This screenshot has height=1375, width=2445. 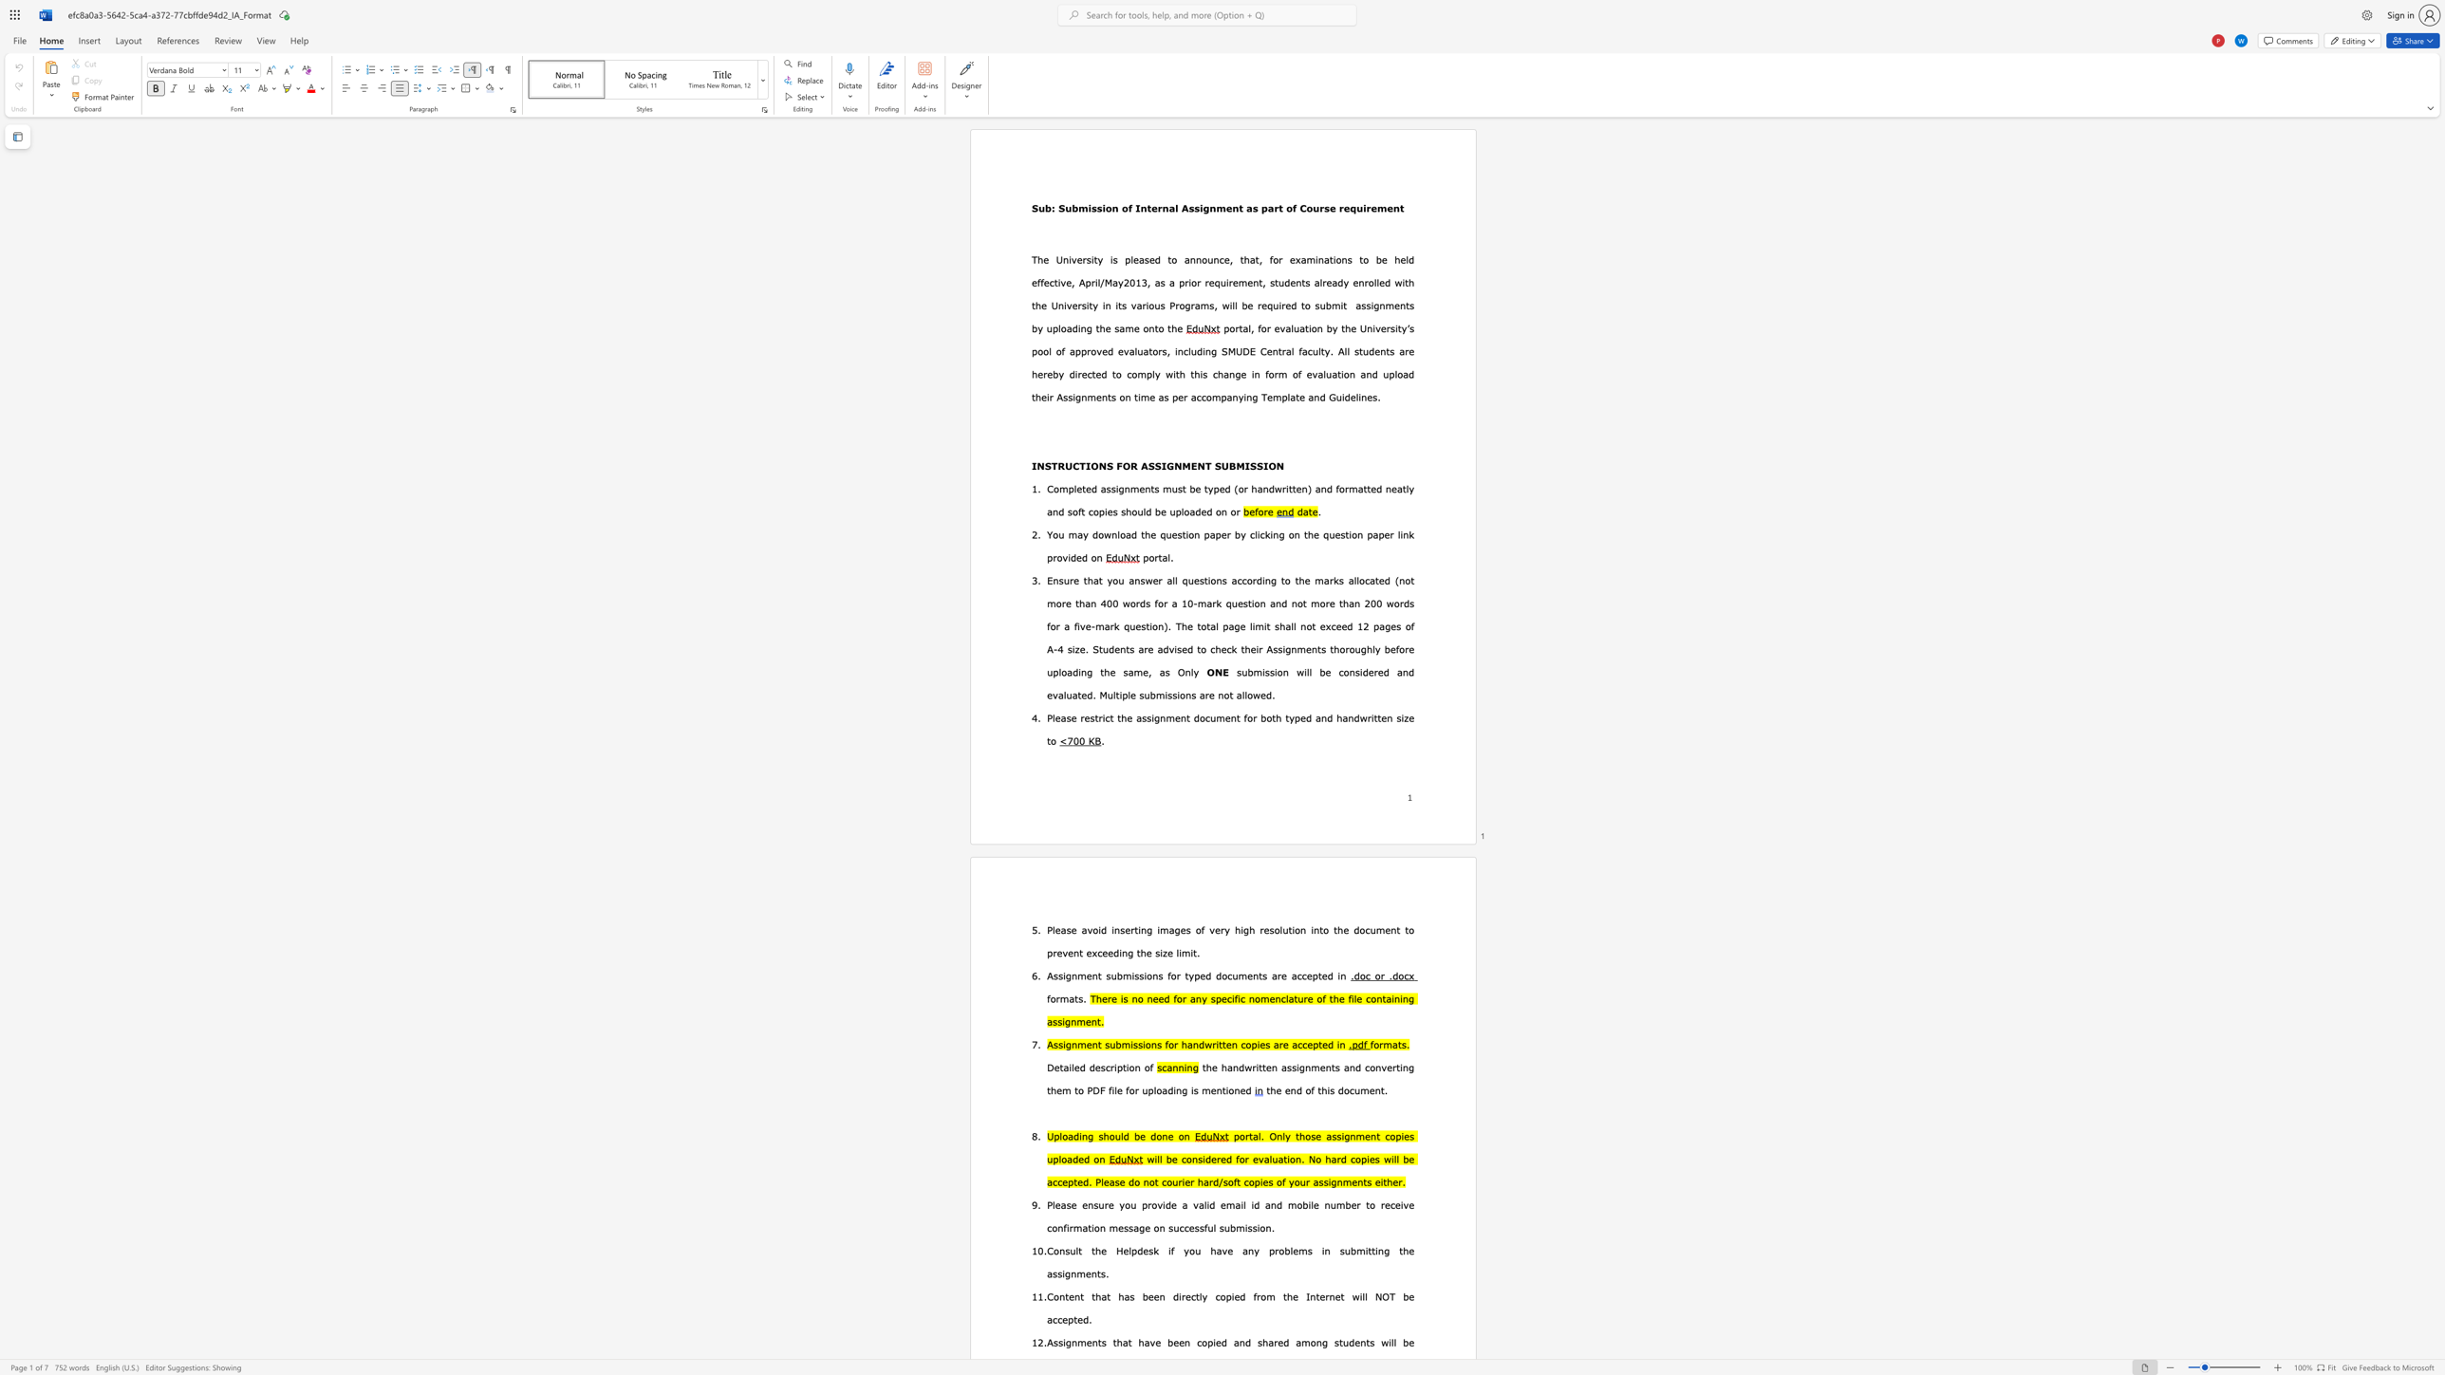 I want to click on the subset text "in" within the text "are accepted in", so click(x=1337, y=975).